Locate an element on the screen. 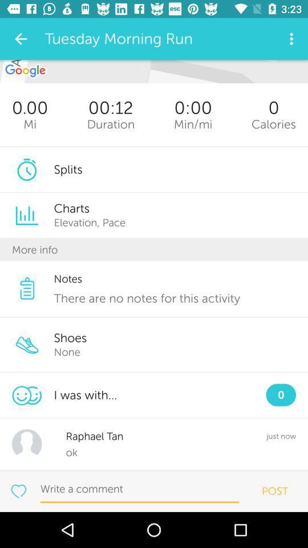 The width and height of the screenshot is (308, 548). icon next to the 0:00 is located at coordinates (111, 124).